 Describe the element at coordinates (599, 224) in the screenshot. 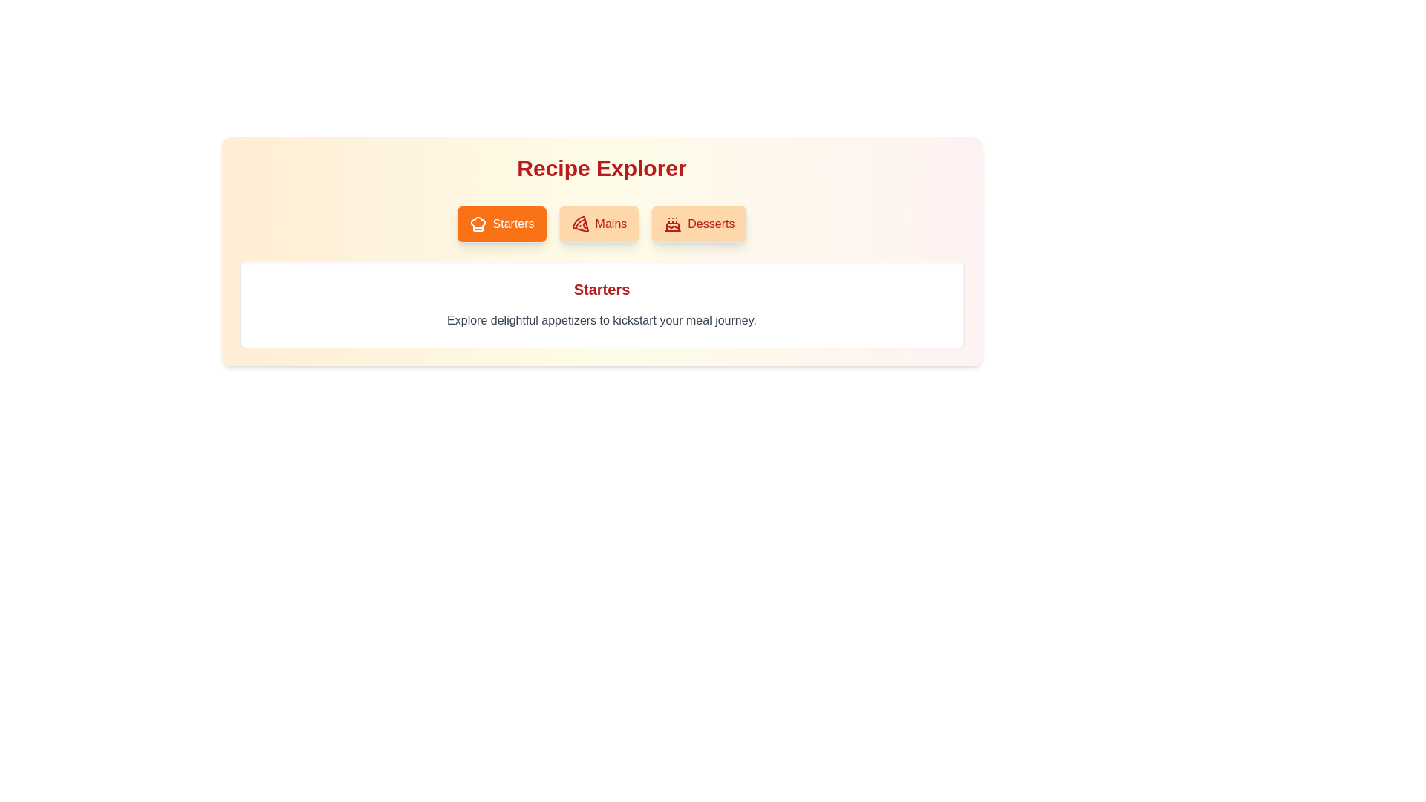

I see `the tab labeled Mains to view its content` at that location.